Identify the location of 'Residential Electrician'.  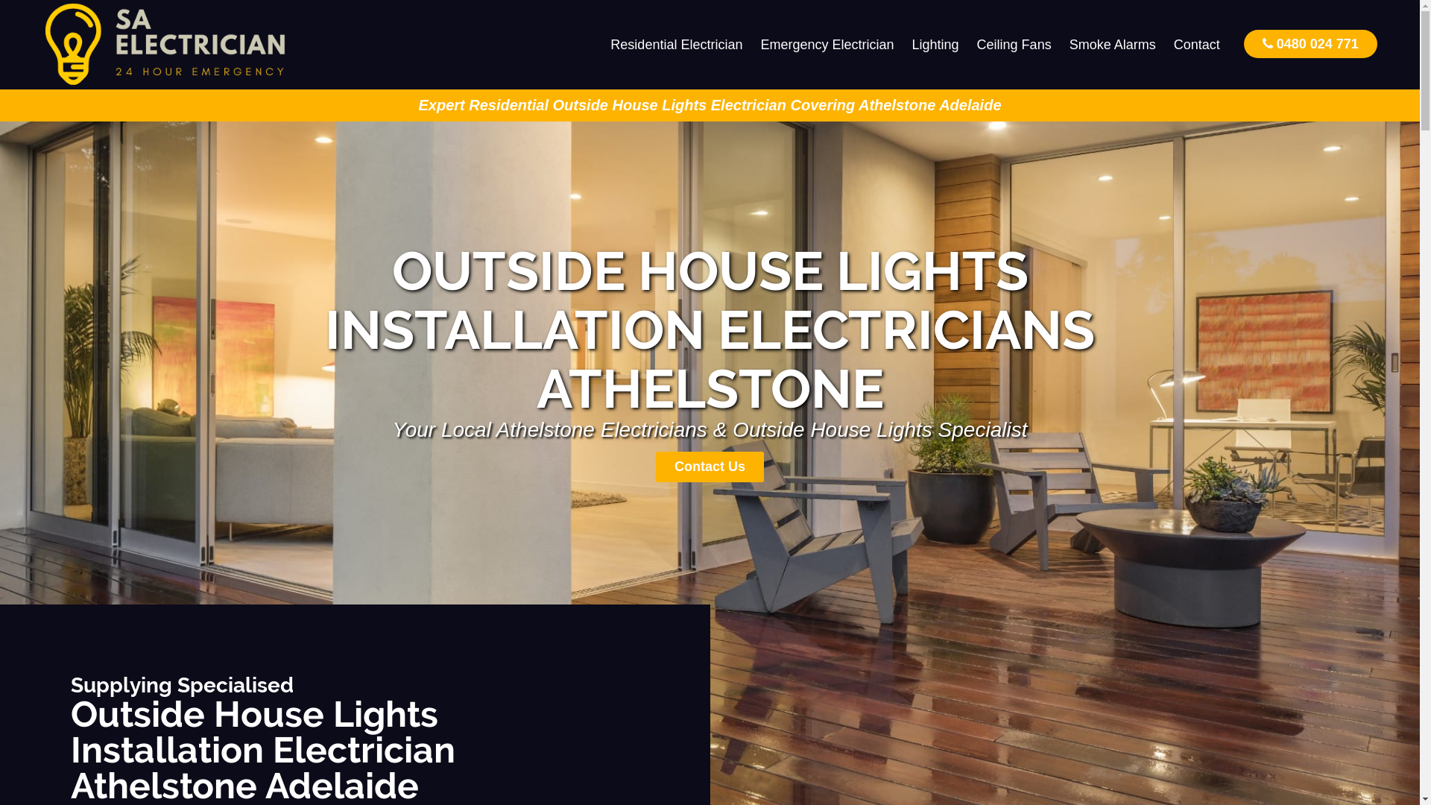
(675, 44).